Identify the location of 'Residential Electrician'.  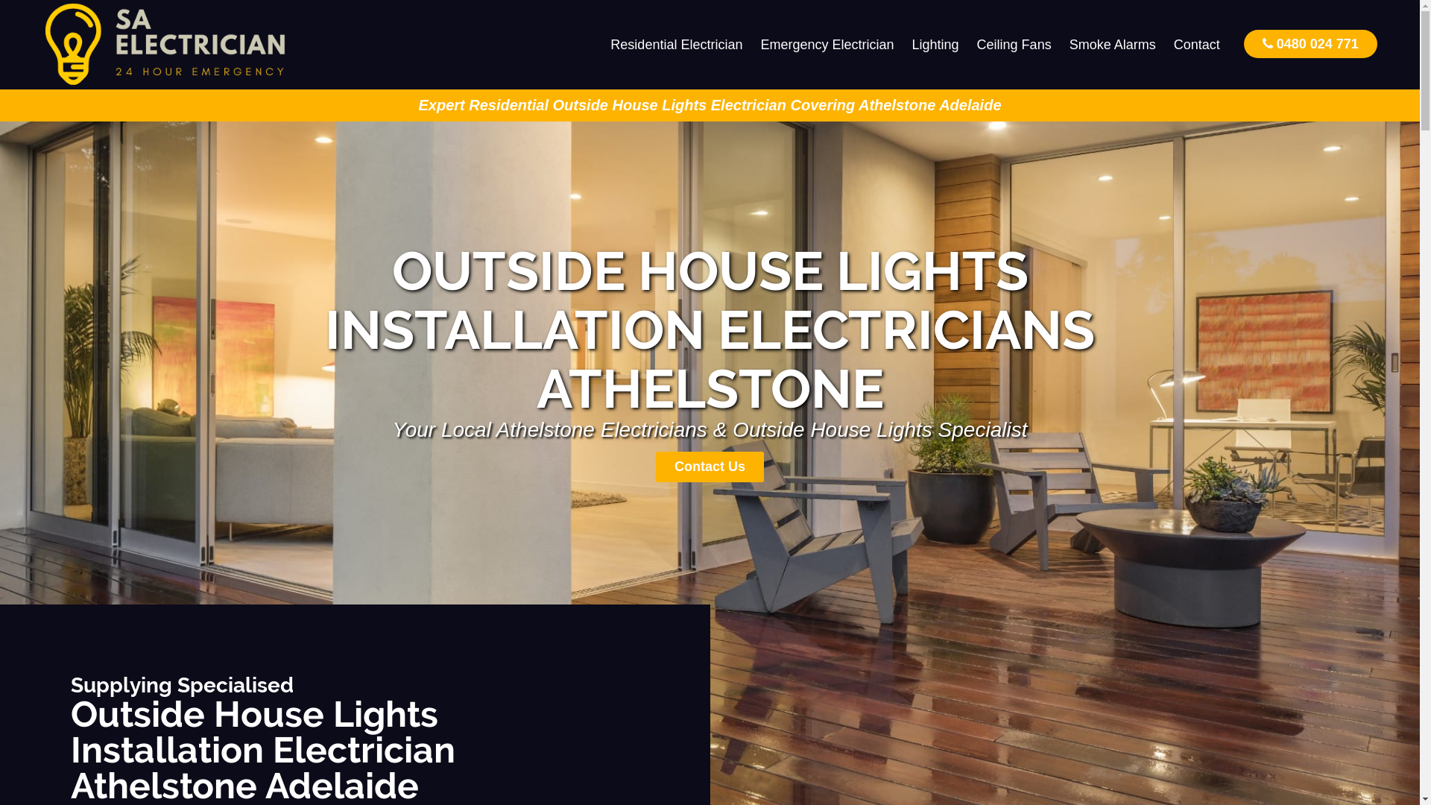
(675, 44).